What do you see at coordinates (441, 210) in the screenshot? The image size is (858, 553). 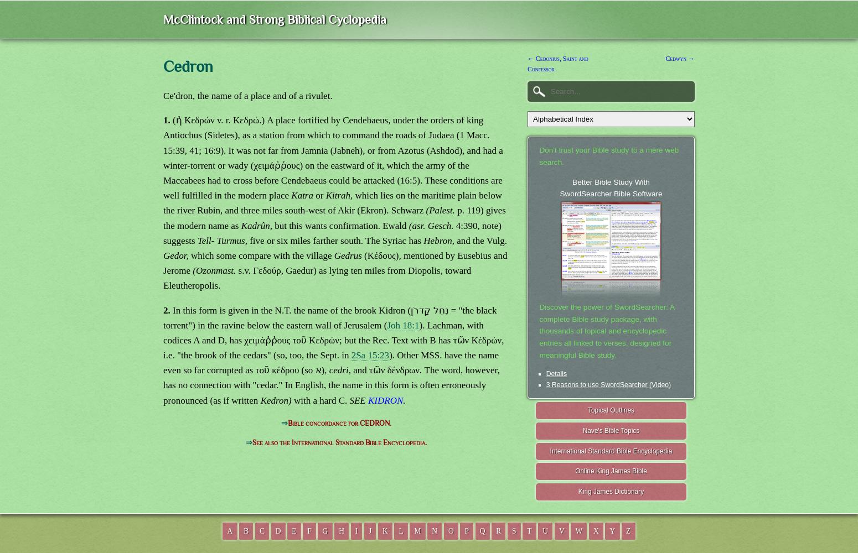 I see `'(Palest.'` at bounding box center [441, 210].